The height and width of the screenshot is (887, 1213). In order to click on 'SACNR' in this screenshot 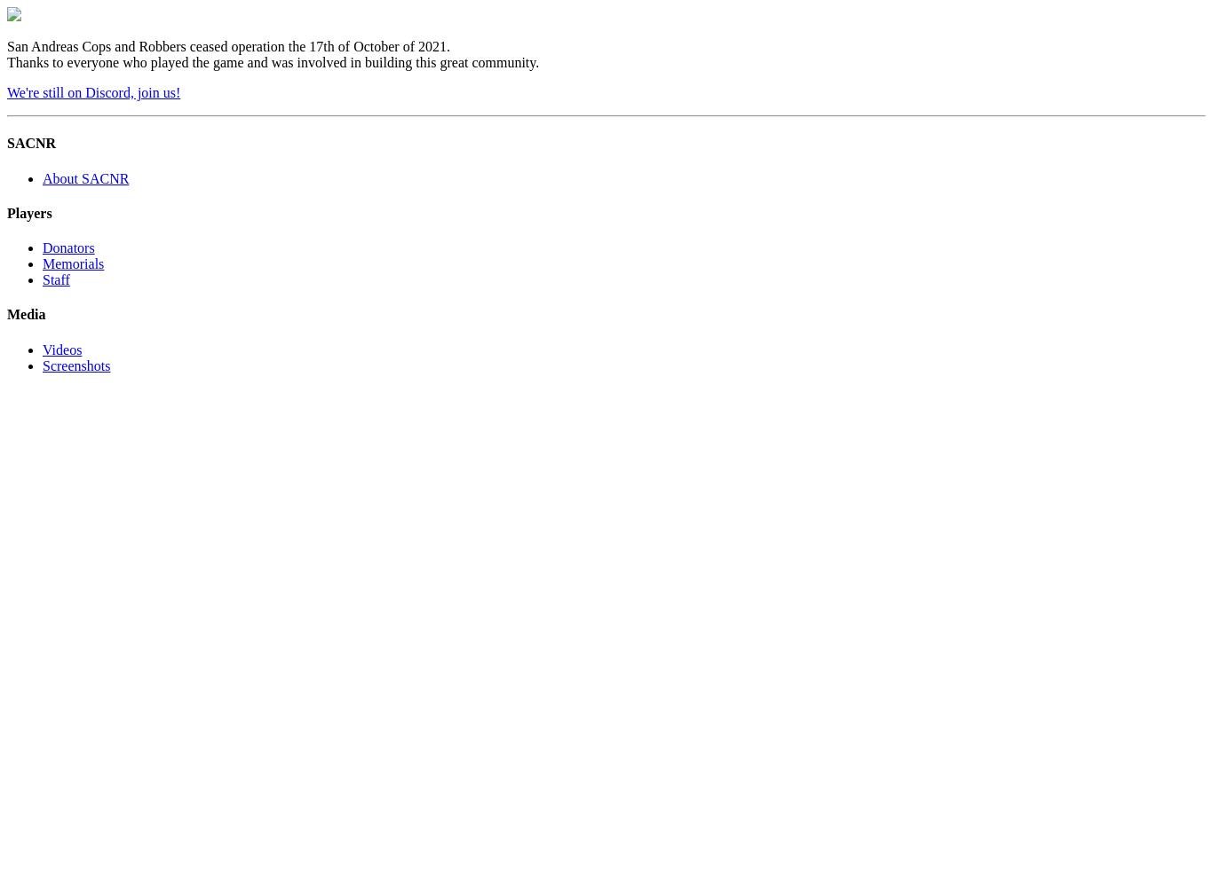, I will do `click(31, 143)`.